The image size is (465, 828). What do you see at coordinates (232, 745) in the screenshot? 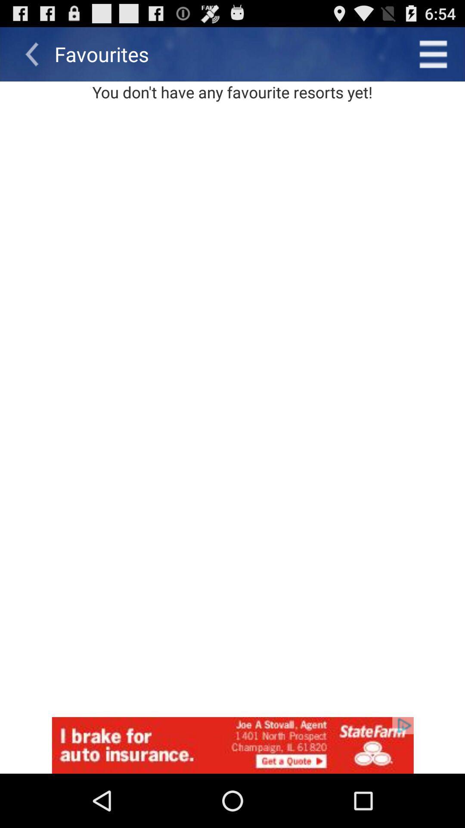
I see `share the article` at bounding box center [232, 745].